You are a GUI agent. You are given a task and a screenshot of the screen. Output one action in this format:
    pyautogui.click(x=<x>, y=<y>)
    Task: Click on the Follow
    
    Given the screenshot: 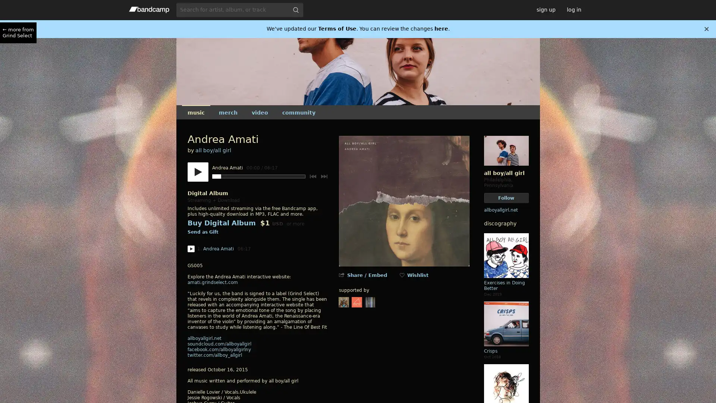 What is the action you would take?
    pyautogui.click(x=506, y=197)
    